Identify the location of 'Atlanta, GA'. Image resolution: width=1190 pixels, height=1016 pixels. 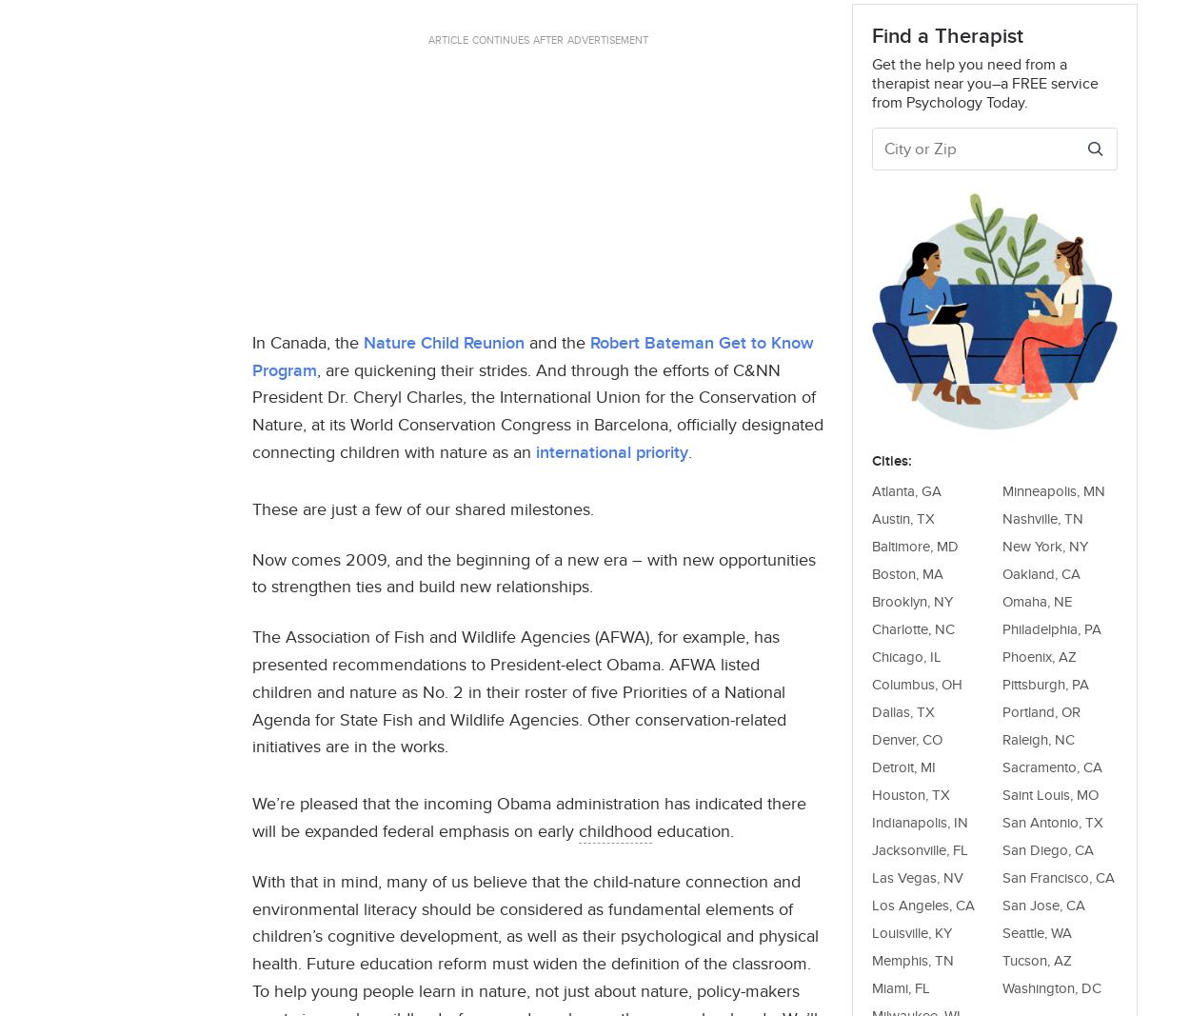
(905, 488).